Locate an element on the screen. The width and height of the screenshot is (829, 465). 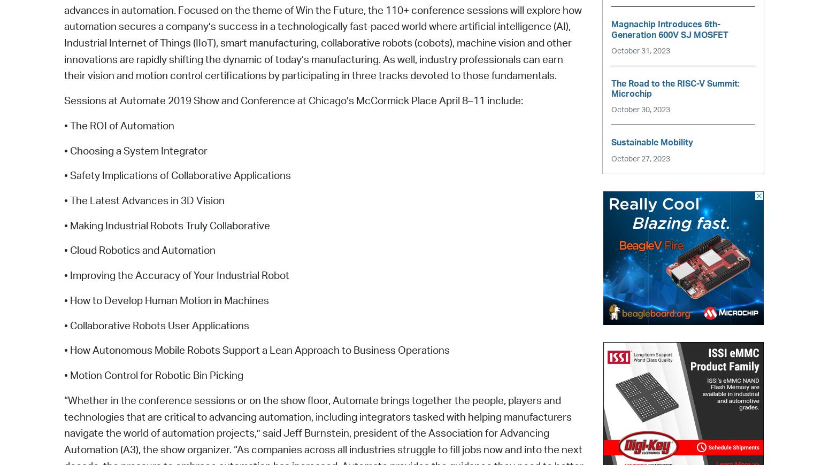
'• Motion Control for Robotic Bin Picking' is located at coordinates (64, 376).